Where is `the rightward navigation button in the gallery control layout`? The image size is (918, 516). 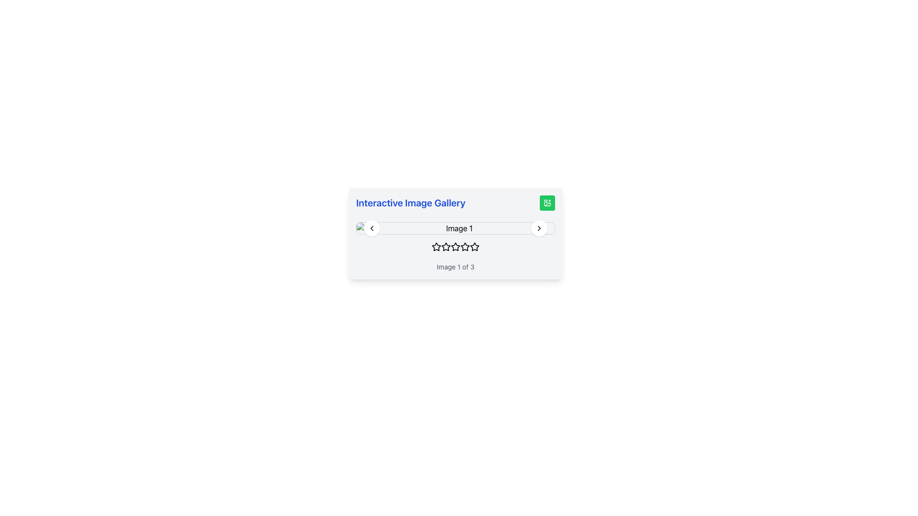
the rightward navigation button in the gallery control layout is located at coordinates (539, 228).